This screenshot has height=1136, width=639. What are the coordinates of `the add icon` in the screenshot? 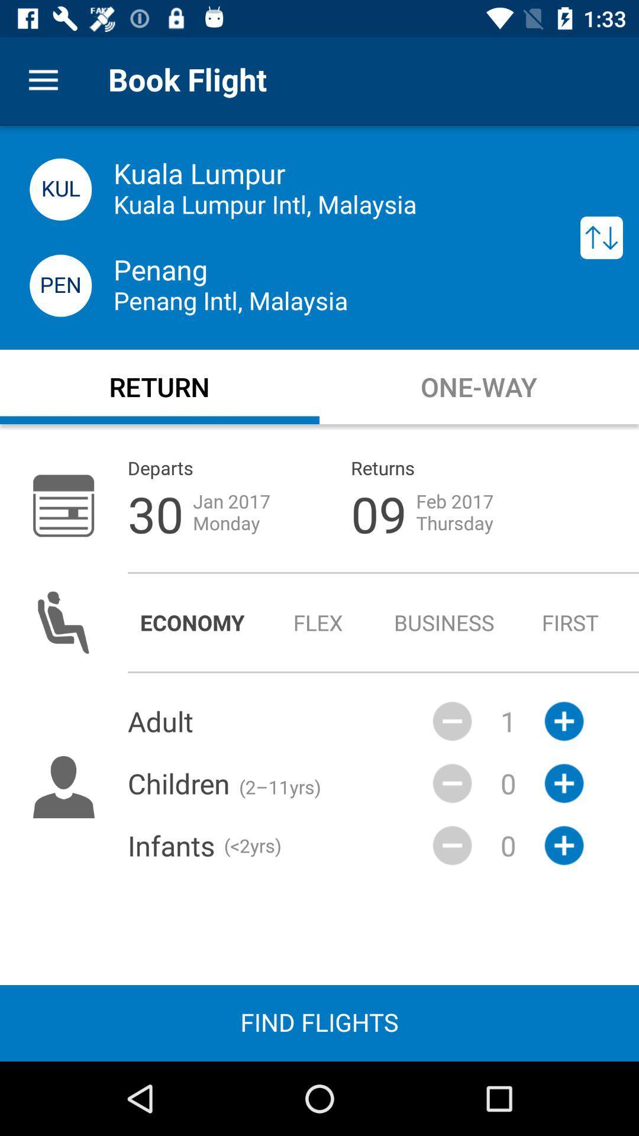 It's located at (563, 783).